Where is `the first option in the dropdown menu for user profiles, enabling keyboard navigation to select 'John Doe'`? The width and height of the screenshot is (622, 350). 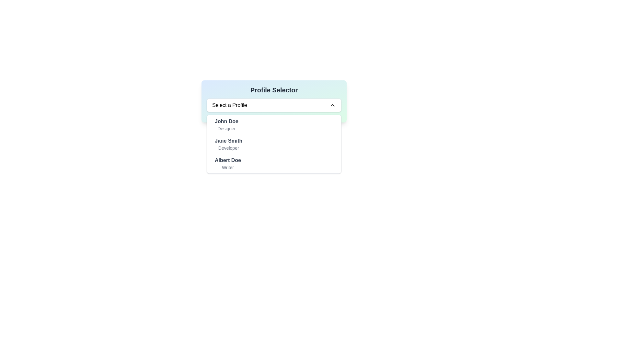
the first option in the dropdown menu for user profiles, enabling keyboard navigation to select 'John Doe' is located at coordinates (274, 125).